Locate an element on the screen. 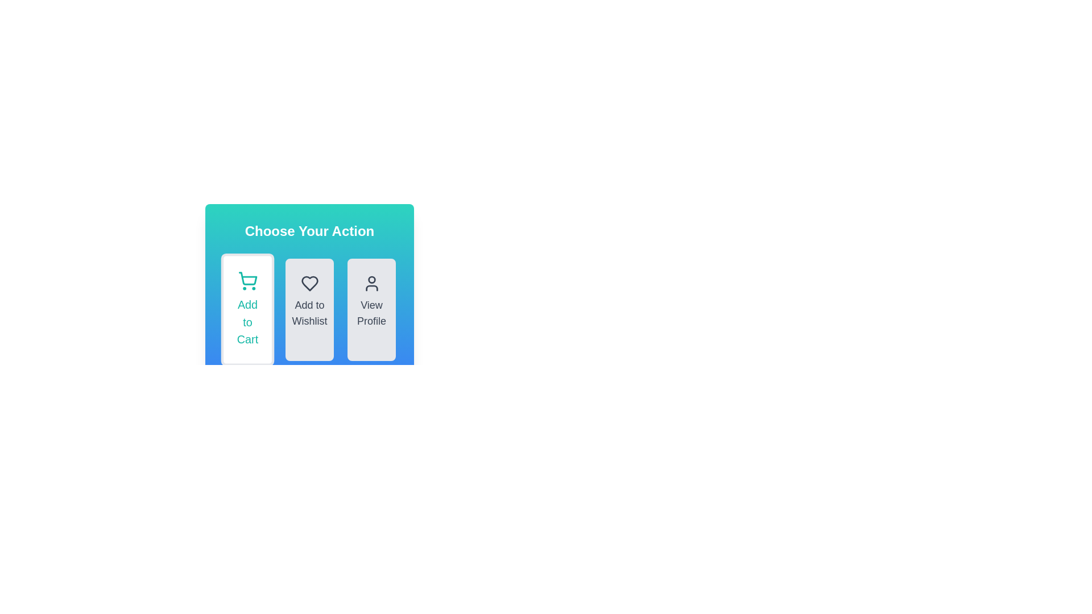 Image resolution: width=1092 pixels, height=614 pixels. the shopping cart icon, which is the top visual element of the 'Add to Cart' button group, to initiate the action is located at coordinates (247, 281).